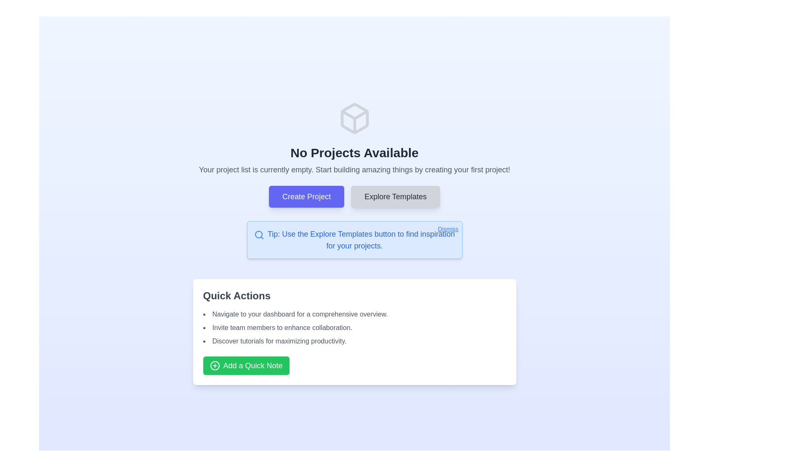  Describe the element at coordinates (215, 365) in the screenshot. I see `the circular icon with a plus symbol inside it, which is located to the left of the text within the green button labeled 'Add a Quick Note'` at that location.